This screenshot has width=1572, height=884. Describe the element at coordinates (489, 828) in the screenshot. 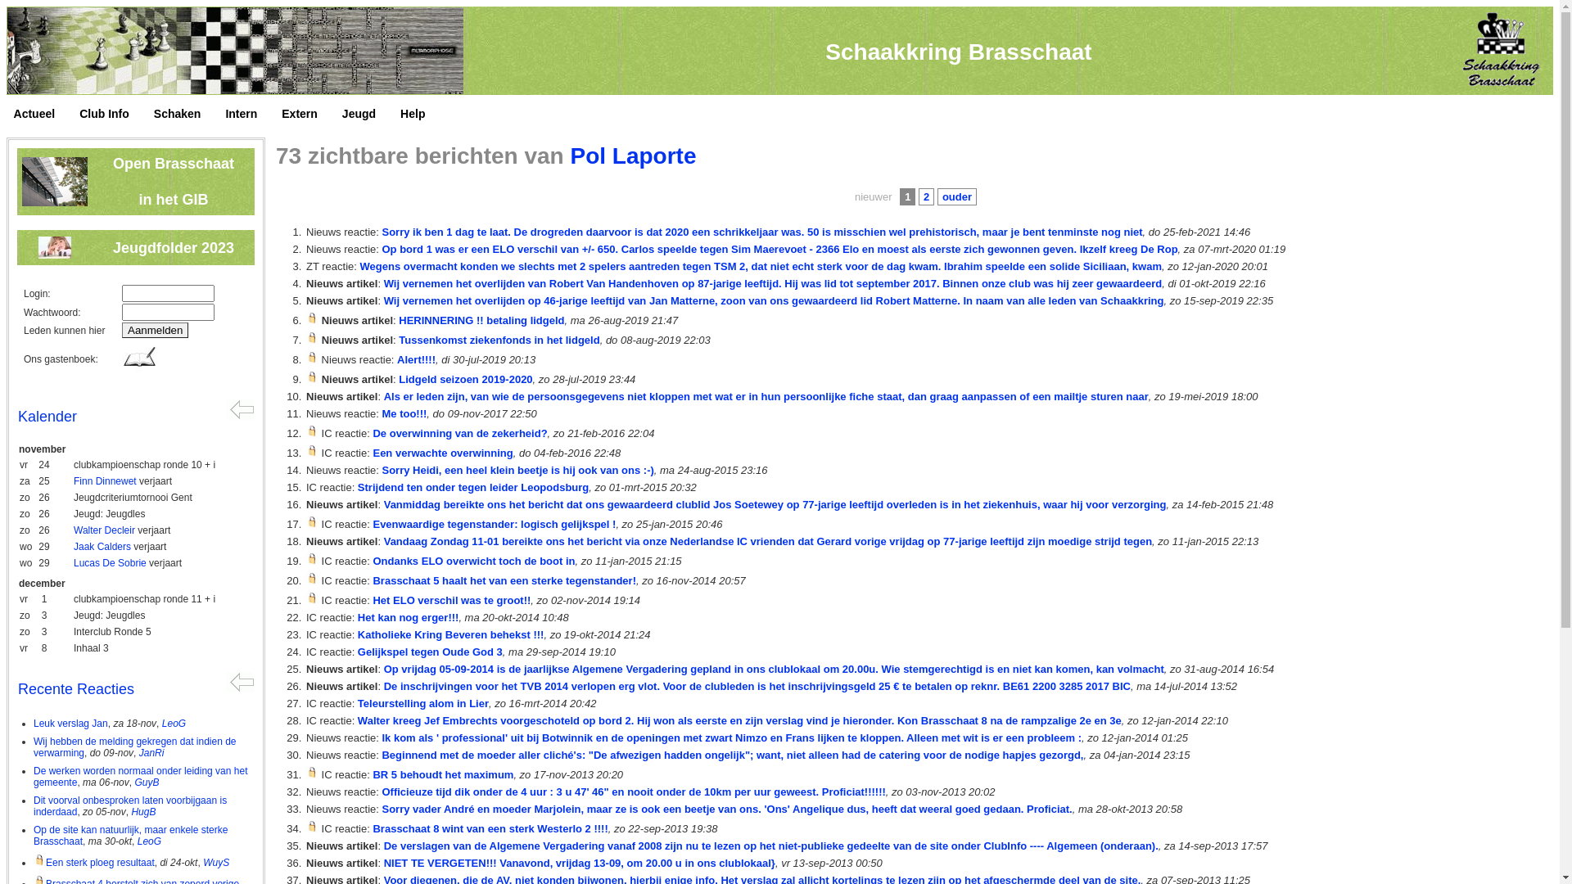

I see `'Brasschaat 8 wint van een sterk Westerlo 2 !!!!'` at that location.